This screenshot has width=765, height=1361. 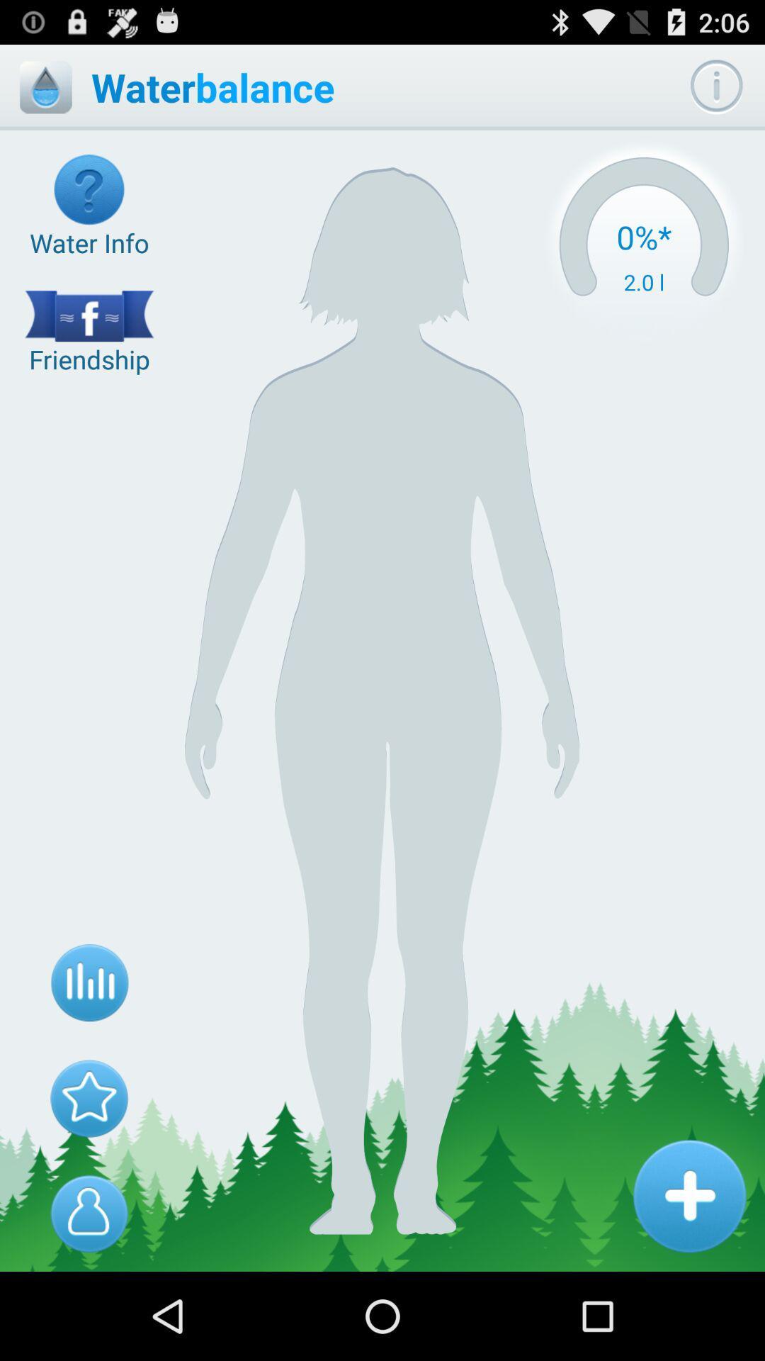 What do you see at coordinates (688, 1195) in the screenshot?
I see `item at the bottom right corner` at bounding box center [688, 1195].